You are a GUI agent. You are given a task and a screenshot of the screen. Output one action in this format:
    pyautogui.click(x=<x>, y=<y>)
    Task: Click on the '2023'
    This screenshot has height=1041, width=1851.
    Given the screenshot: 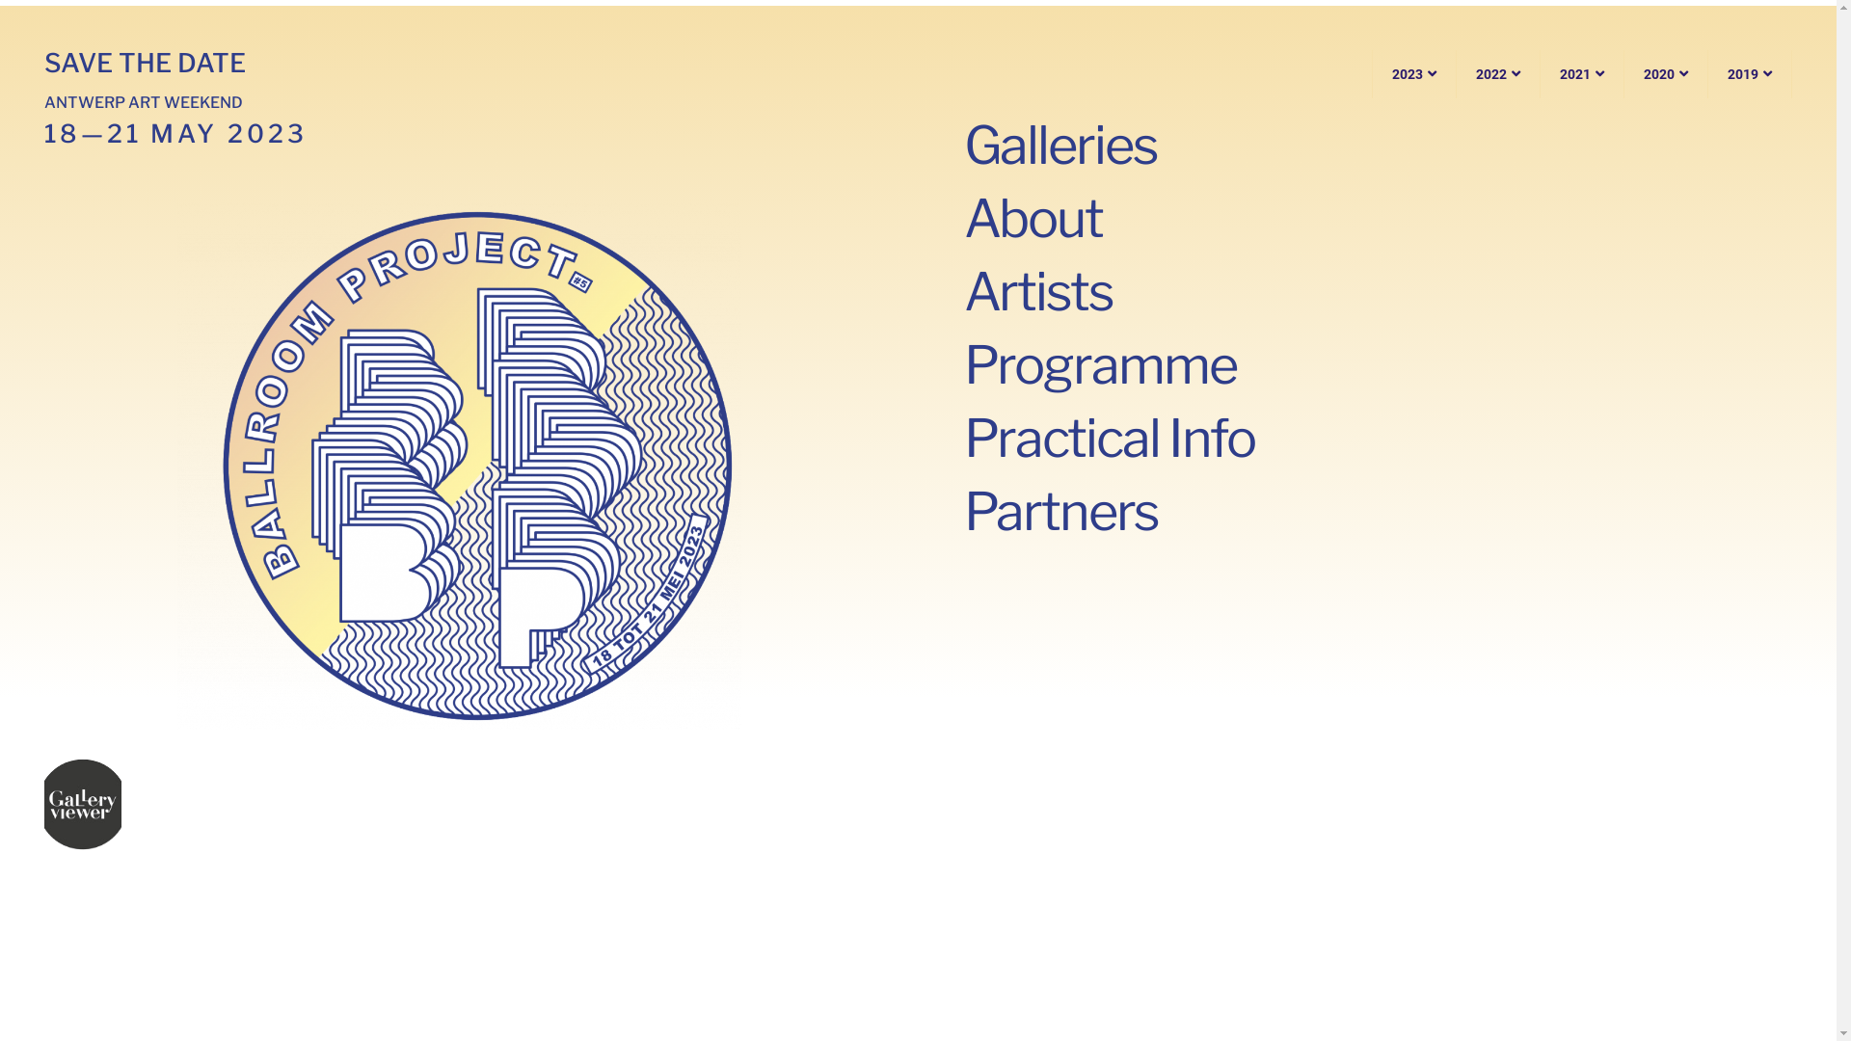 What is the action you would take?
    pyautogui.click(x=1414, y=73)
    